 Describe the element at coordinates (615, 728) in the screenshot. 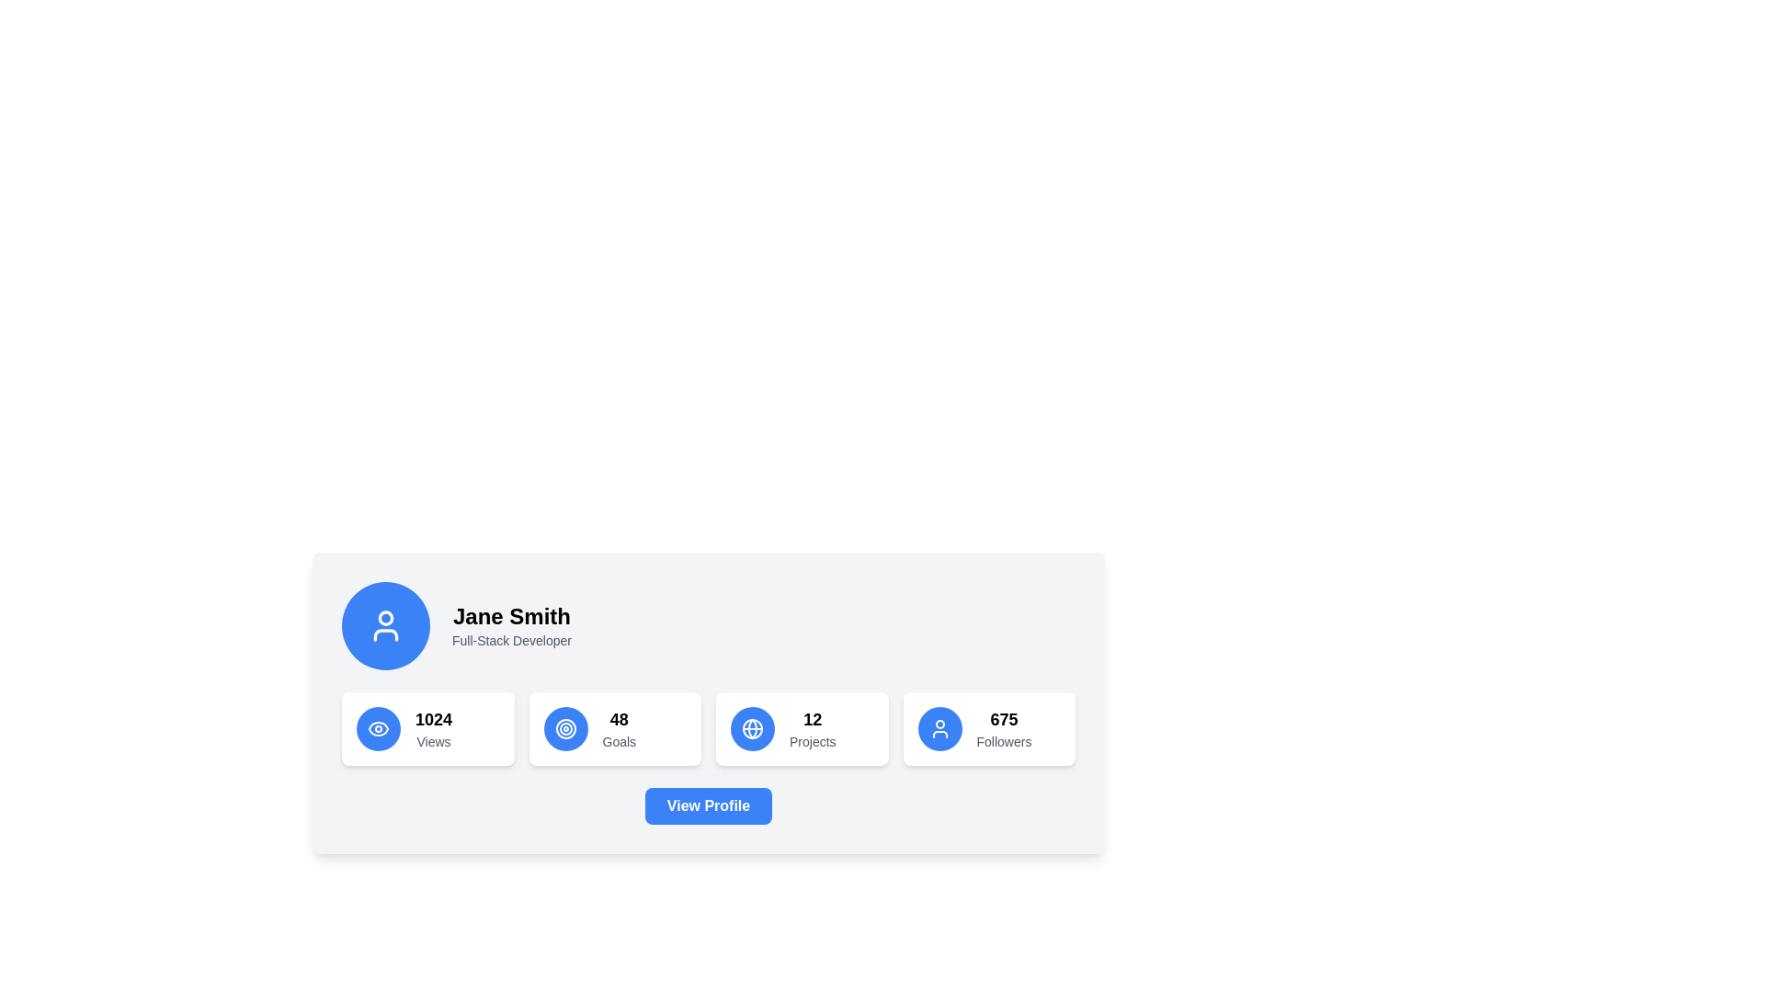

I see `the Informational Card displaying '48 Goals', which is the second card in a horizontal layout of four cards under the user's profile information` at that location.